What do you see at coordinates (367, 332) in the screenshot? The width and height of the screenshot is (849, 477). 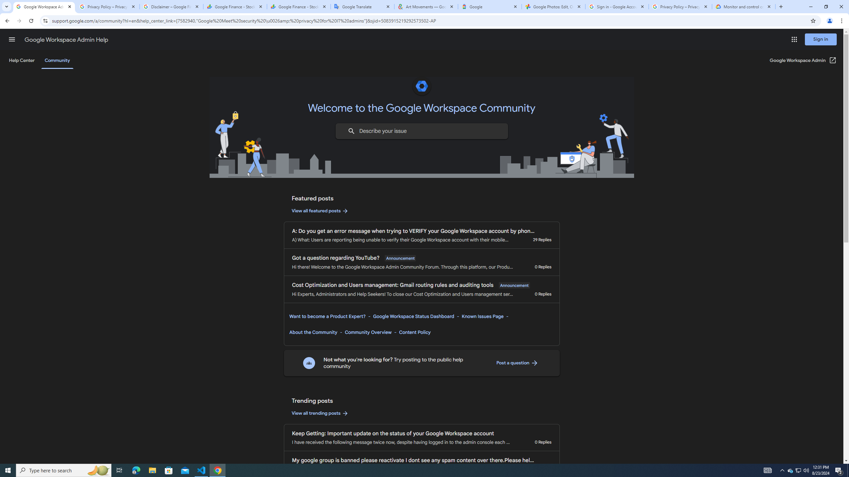 I see `'Community Overview'` at bounding box center [367, 332].